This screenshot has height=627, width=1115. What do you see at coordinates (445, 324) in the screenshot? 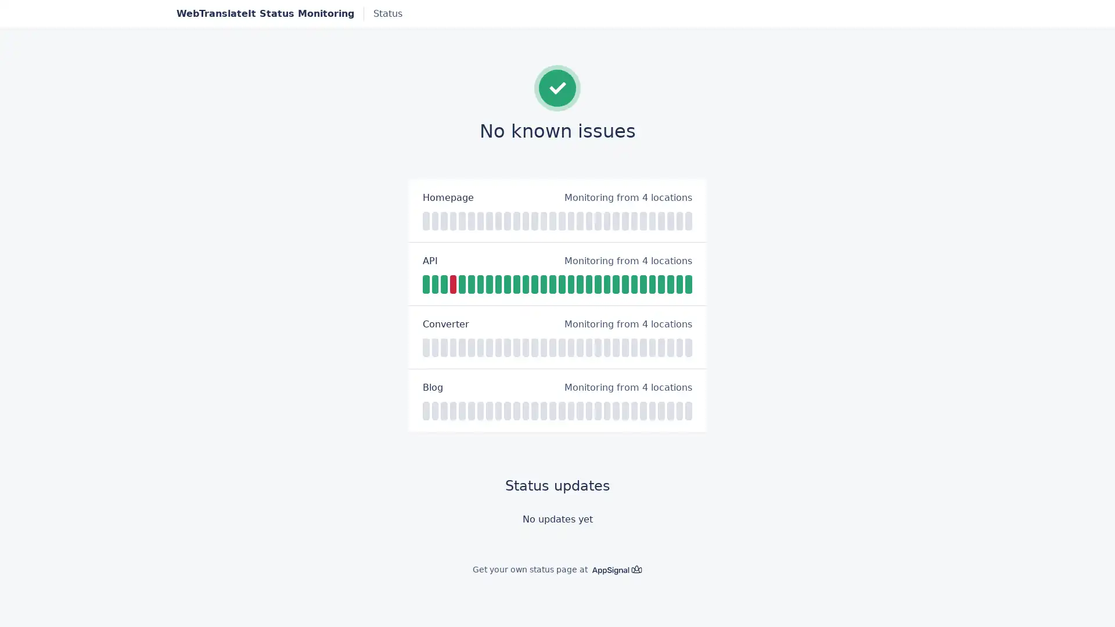
I see `Converter` at bounding box center [445, 324].